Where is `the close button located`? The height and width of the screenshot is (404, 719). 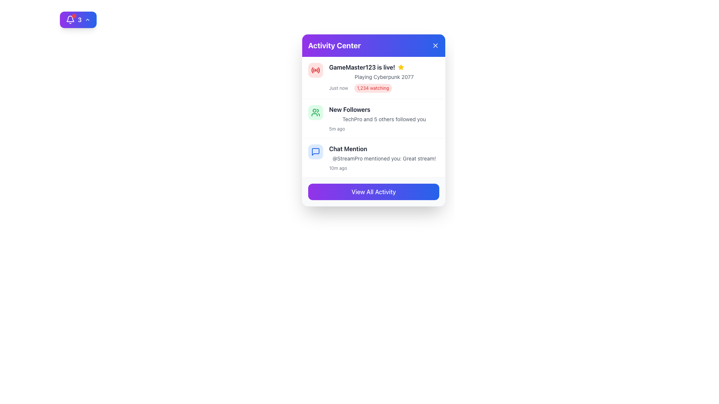 the close button located is located at coordinates (435, 46).